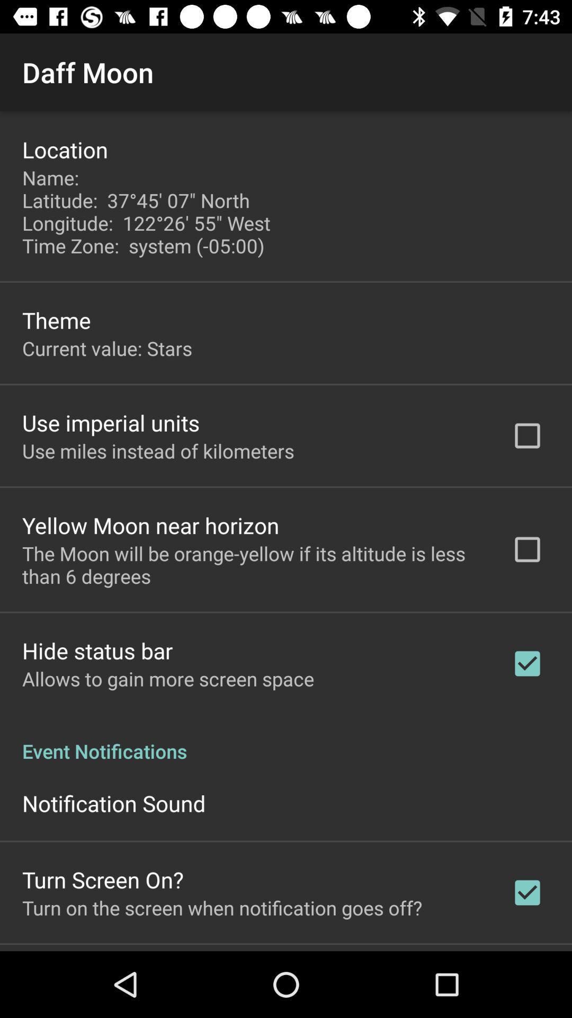  I want to click on the event notifications, so click(286, 739).